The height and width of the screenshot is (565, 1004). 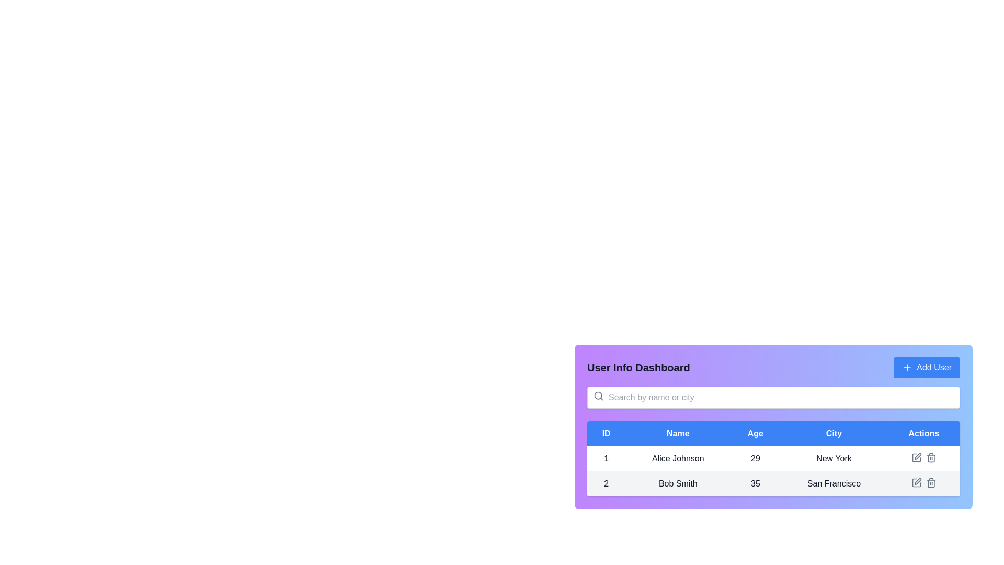 What do you see at coordinates (755, 434) in the screenshot?
I see `the 'Age' header in the table, which is a static text label displayed in white on a blue background, centered and bold` at bounding box center [755, 434].